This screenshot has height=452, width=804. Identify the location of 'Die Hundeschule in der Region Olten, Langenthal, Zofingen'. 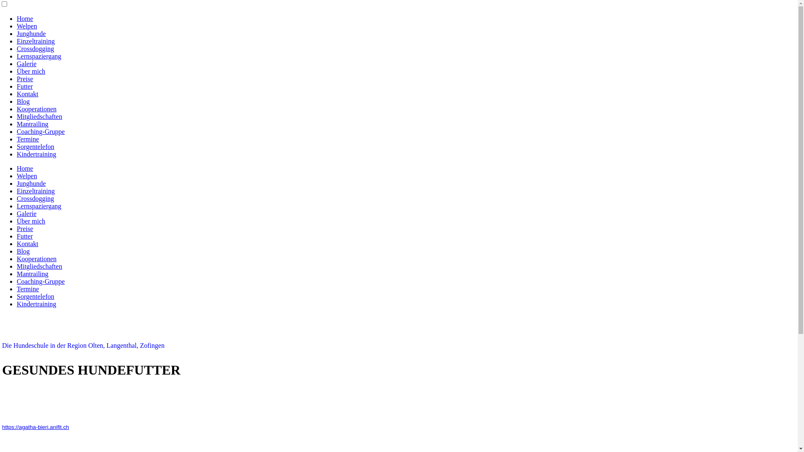
(83, 345).